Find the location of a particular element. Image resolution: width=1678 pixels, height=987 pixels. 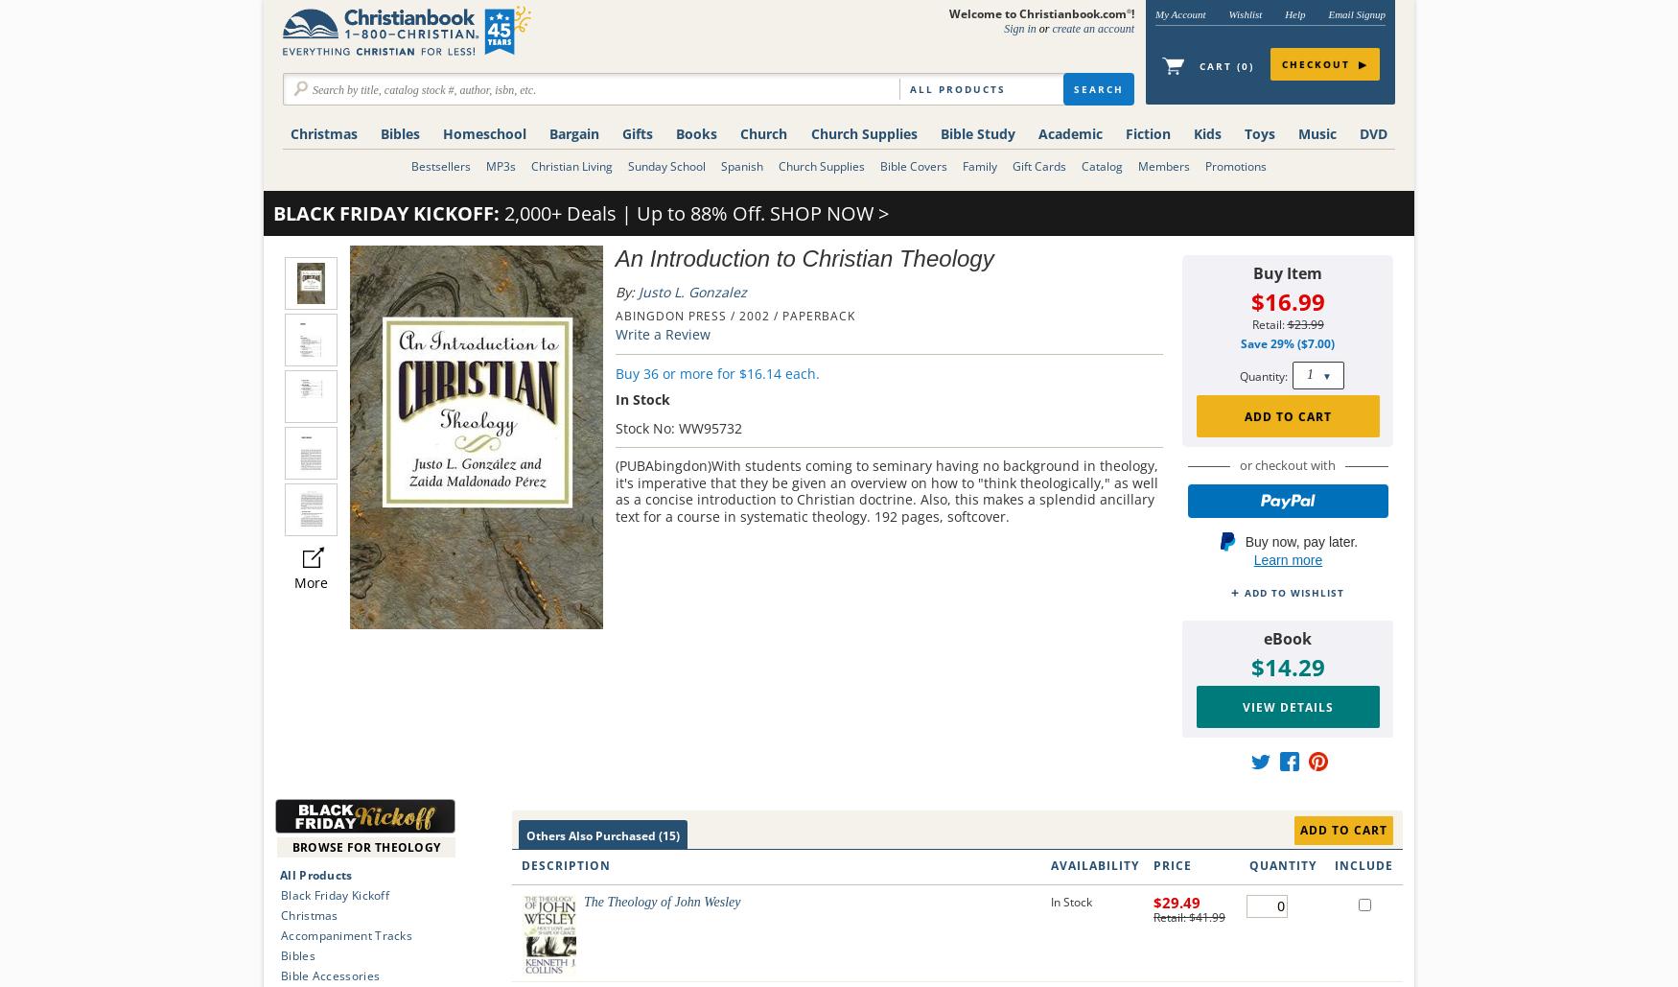

'Church' is located at coordinates (762, 132).